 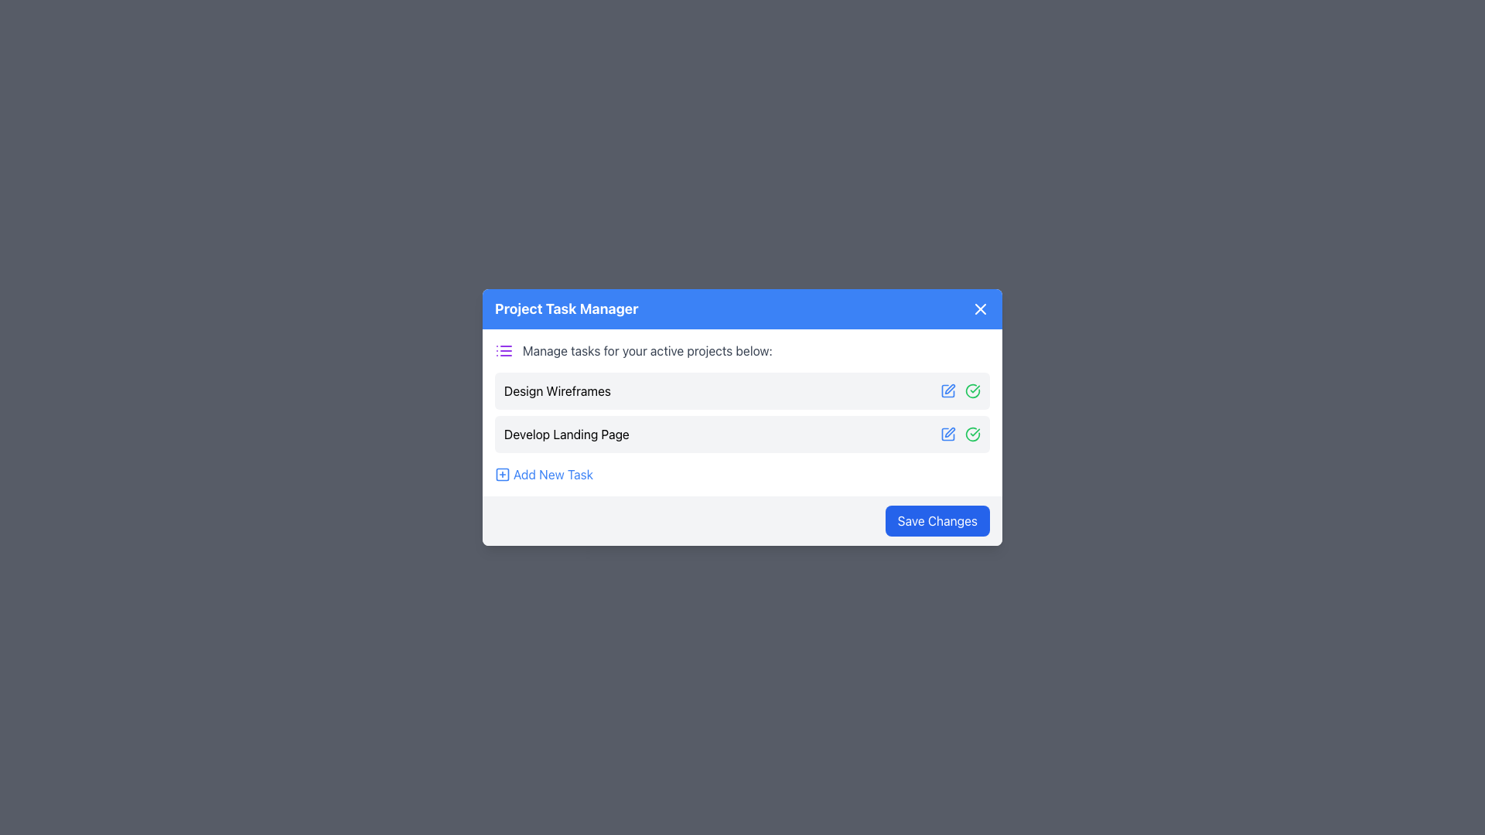 What do you see at coordinates (742, 390) in the screenshot?
I see `the action icons of the first task item named 'Design Wireframes' in the 'Project Task Manager'` at bounding box center [742, 390].